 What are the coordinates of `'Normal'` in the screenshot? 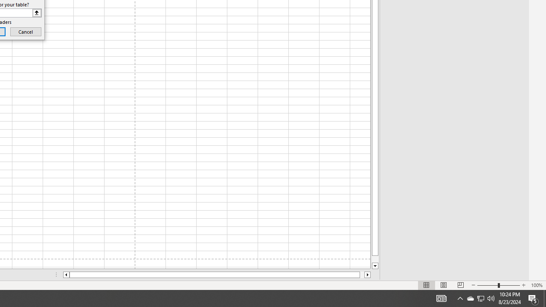 It's located at (427, 285).